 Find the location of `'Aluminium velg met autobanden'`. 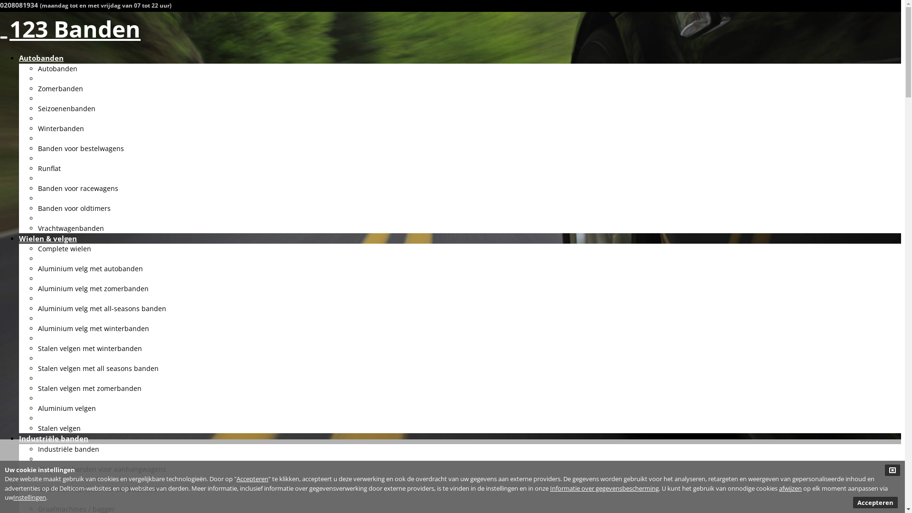

'Aluminium velg met autobanden' is located at coordinates (90, 268).